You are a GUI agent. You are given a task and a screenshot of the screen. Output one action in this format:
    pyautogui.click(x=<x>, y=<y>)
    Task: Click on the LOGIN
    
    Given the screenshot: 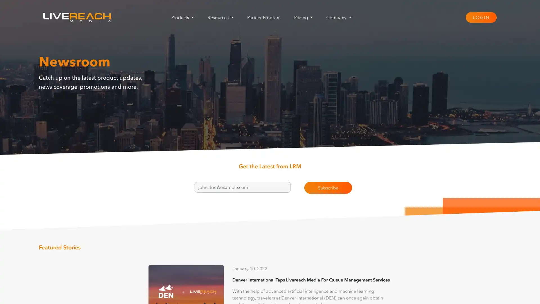 What is the action you would take?
    pyautogui.click(x=480, y=17)
    